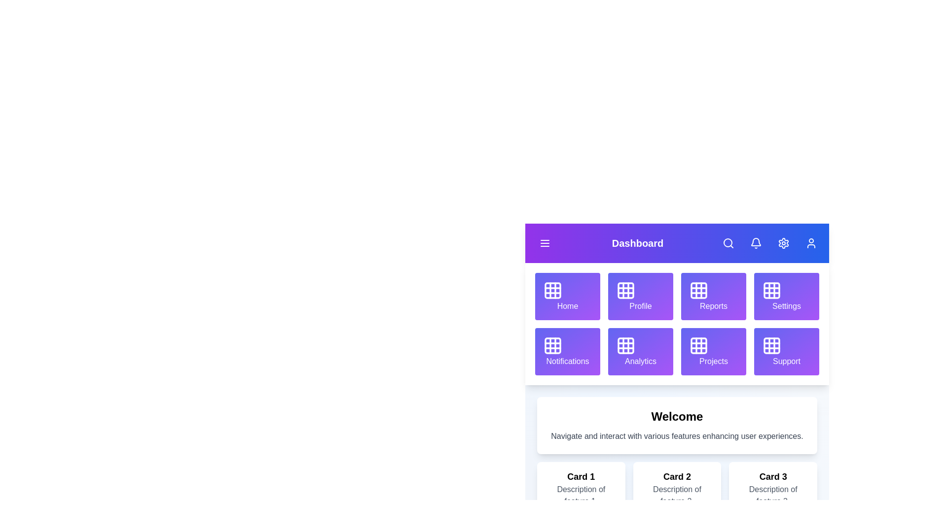 The image size is (947, 532). What do you see at coordinates (713, 296) in the screenshot?
I see `the grid item labeled Reports to navigate to its section` at bounding box center [713, 296].